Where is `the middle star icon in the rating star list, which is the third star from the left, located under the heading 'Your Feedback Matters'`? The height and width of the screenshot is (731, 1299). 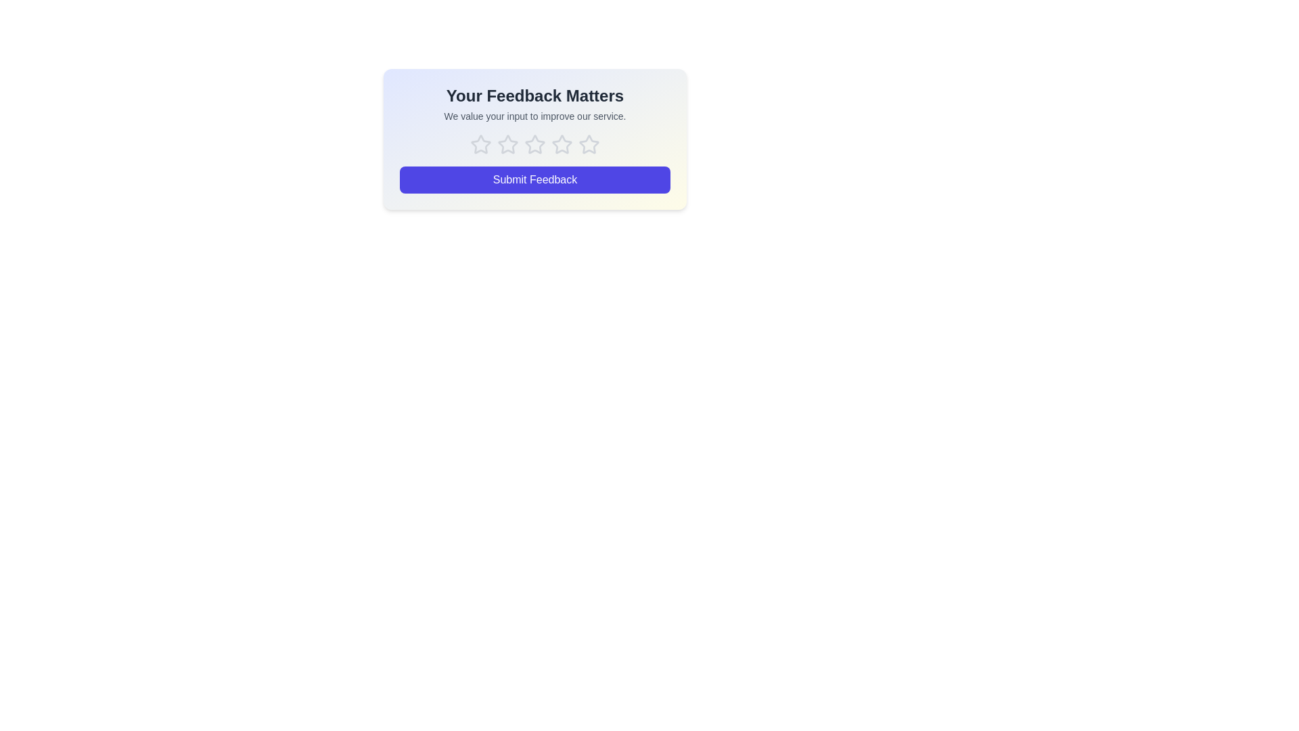
the middle star icon in the rating star list, which is the third star from the left, located under the heading 'Your Feedback Matters' is located at coordinates (534, 144).